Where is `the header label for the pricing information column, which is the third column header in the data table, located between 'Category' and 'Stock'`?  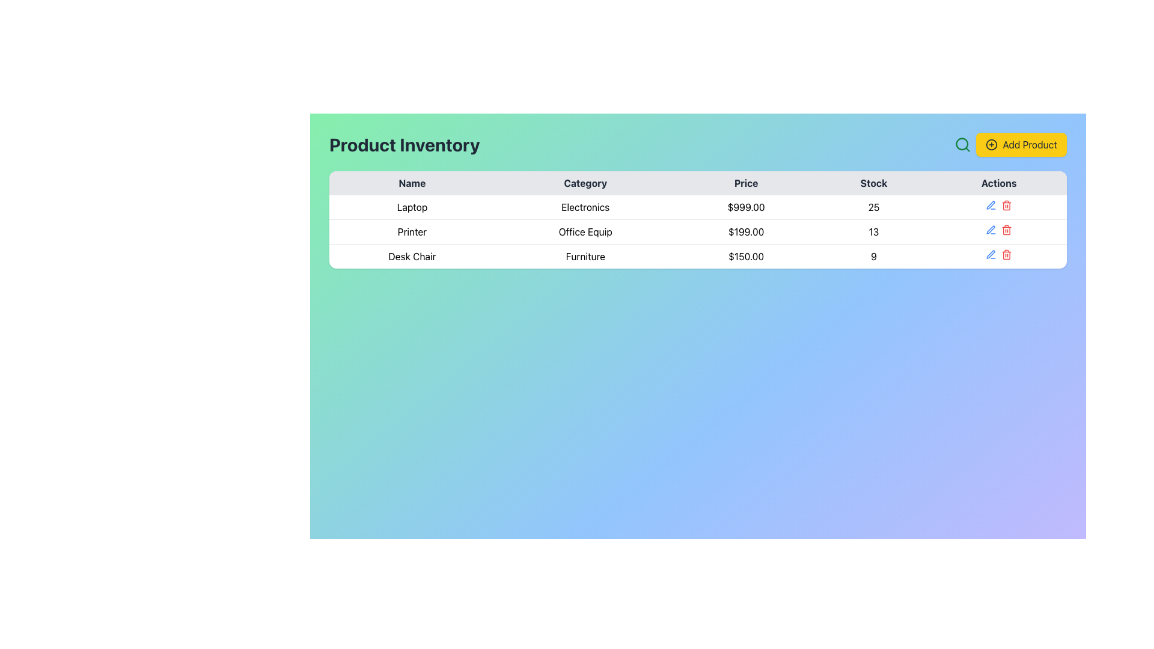 the header label for the pricing information column, which is the third column header in the data table, located between 'Category' and 'Stock' is located at coordinates (745, 183).